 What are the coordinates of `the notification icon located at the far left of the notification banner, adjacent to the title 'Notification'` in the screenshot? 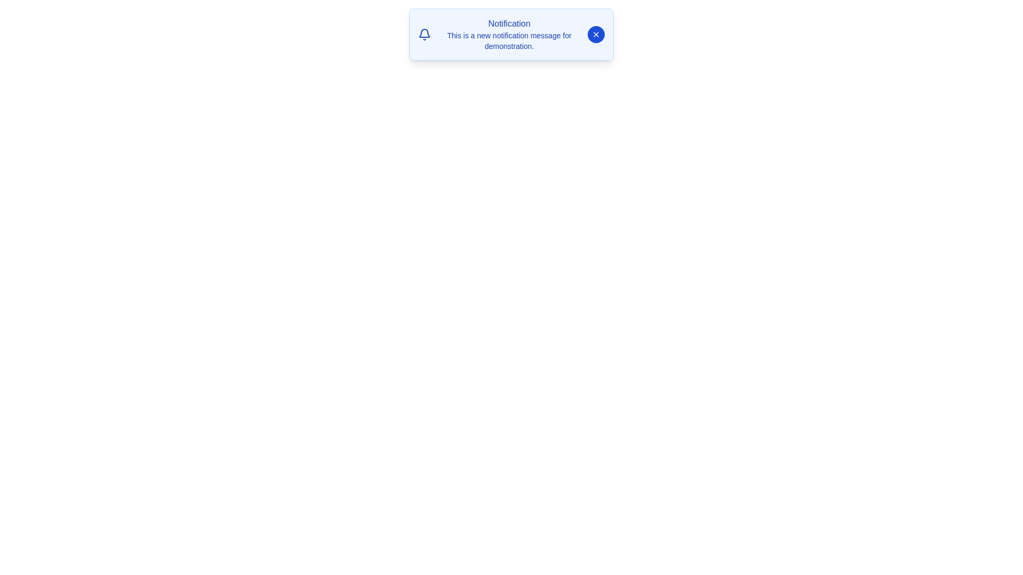 It's located at (424, 34).